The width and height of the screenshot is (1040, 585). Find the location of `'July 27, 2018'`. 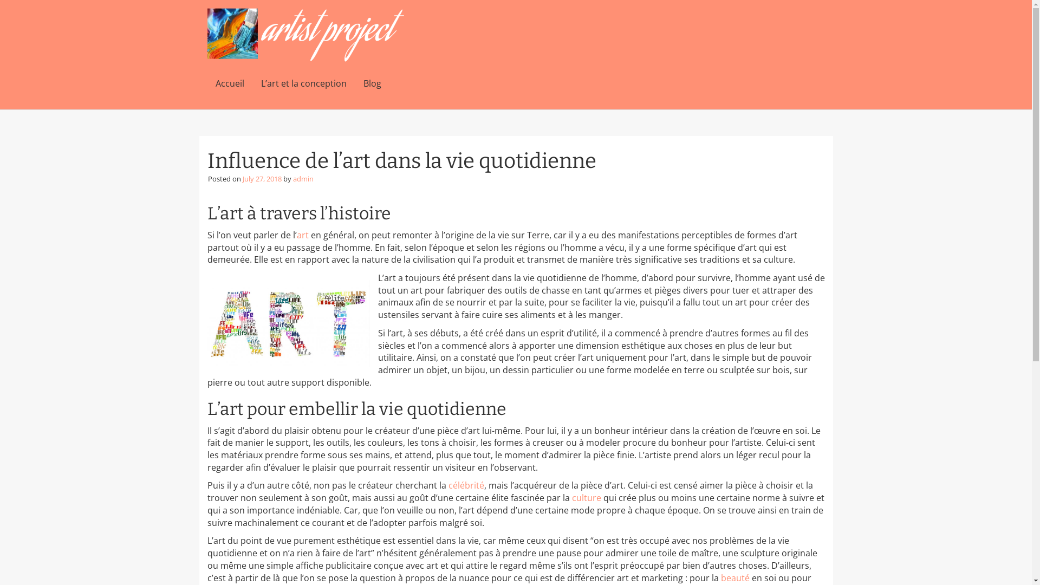

'July 27, 2018' is located at coordinates (242, 178).